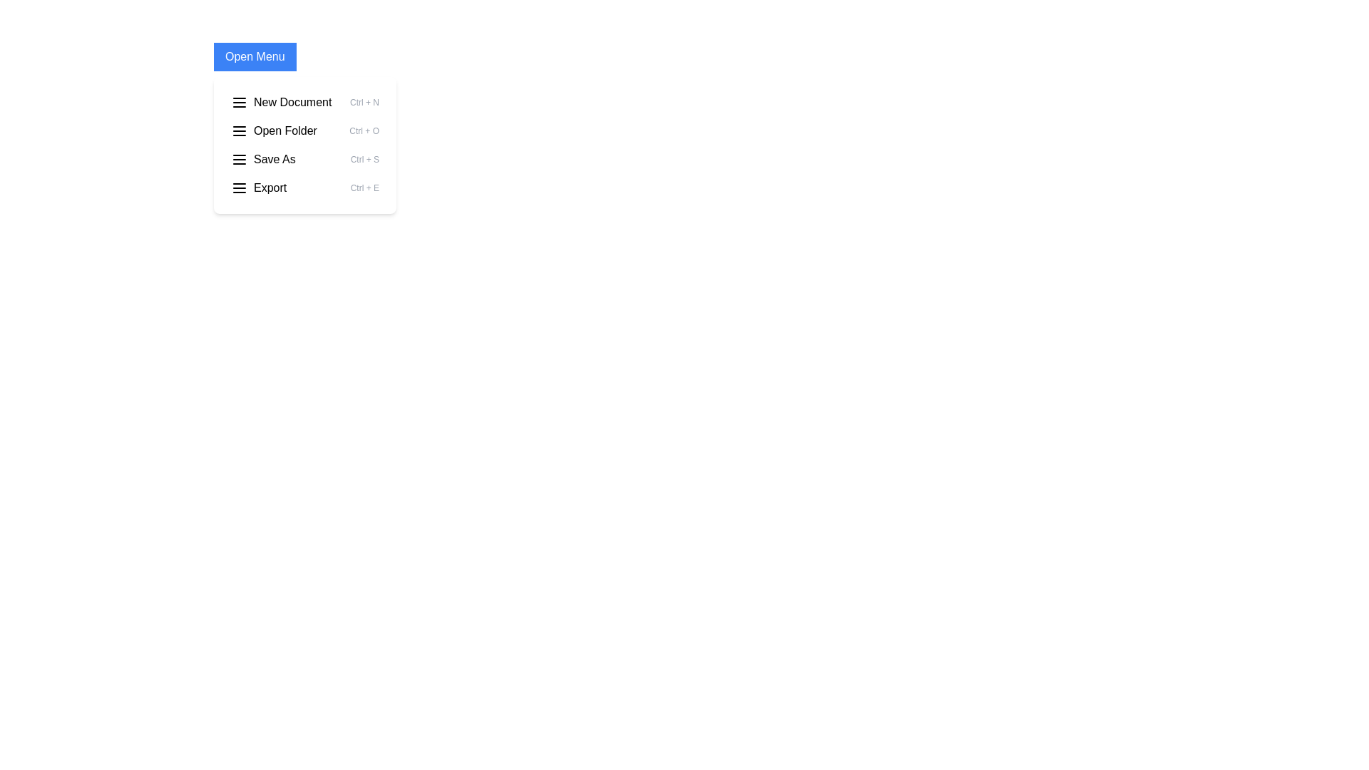  What do you see at coordinates (285, 131) in the screenshot?
I see `the 'Open Folder' text label in the vertical menu, which is the second item below 'New Document'` at bounding box center [285, 131].